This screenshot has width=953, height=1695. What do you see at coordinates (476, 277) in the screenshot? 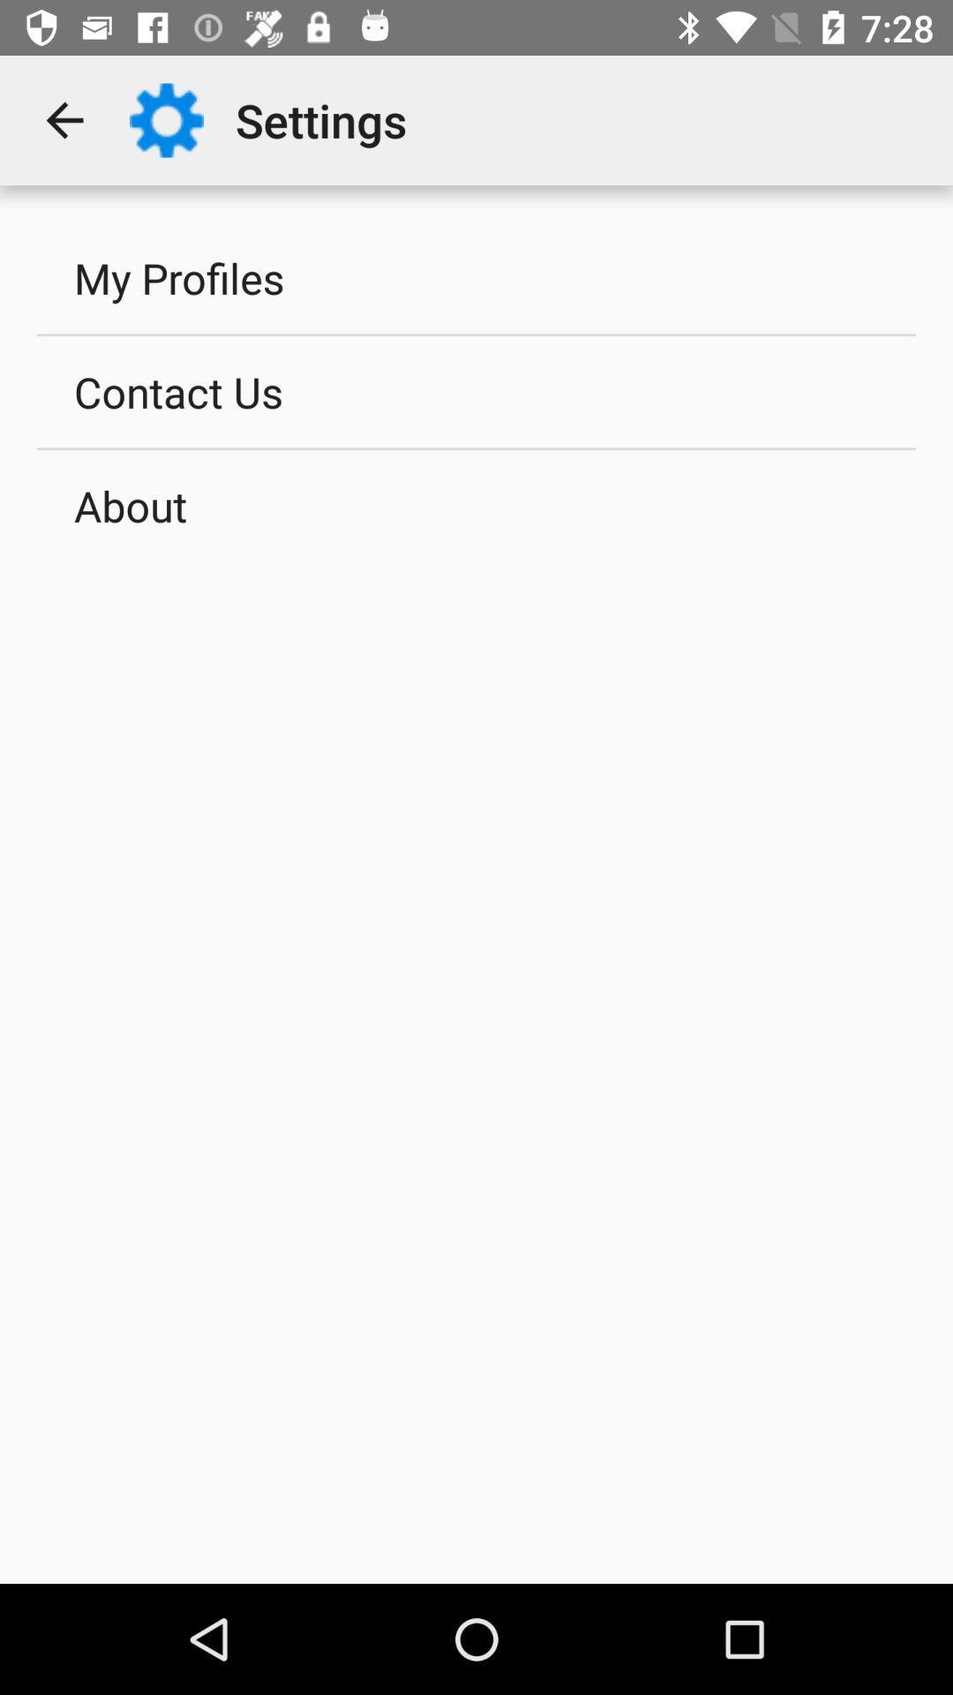
I see `the my profiles icon` at bounding box center [476, 277].